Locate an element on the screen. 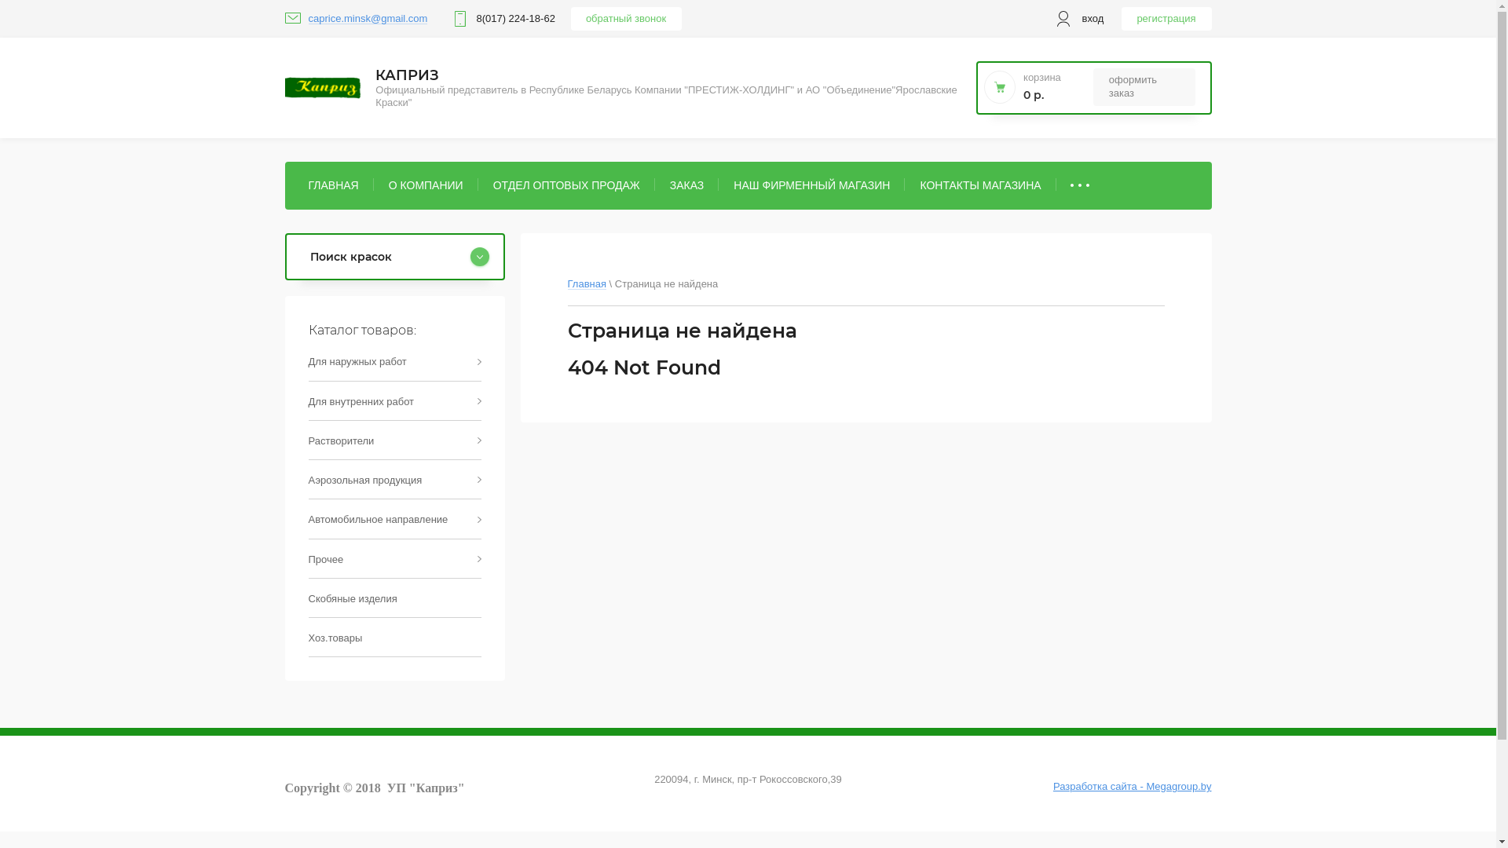  '8(017) 224-18-62' is located at coordinates (515, 18).